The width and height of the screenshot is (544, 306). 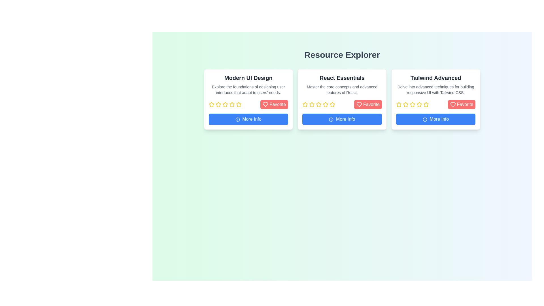 What do you see at coordinates (342, 89) in the screenshot?
I see `the text element that provides a brief description of the 'React Essentials' section, located below the title and above the star icons and 'Favorite' button` at bounding box center [342, 89].